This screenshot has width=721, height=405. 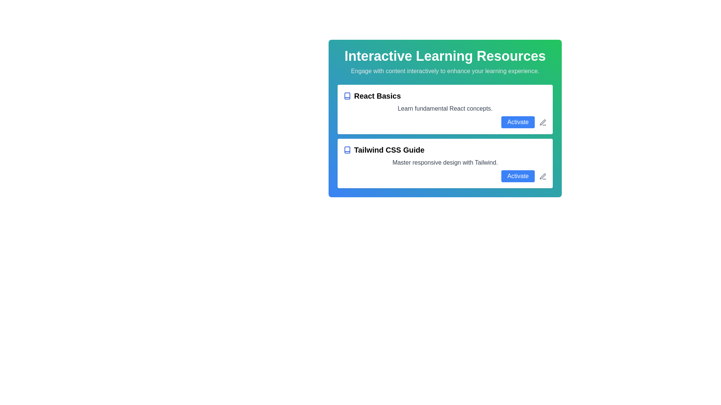 What do you see at coordinates (543, 176) in the screenshot?
I see `the edit action icon located in the second item of a vertical list within a green-bordered card layout, positioned to the right of the text and the 'Activate' button` at bounding box center [543, 176].